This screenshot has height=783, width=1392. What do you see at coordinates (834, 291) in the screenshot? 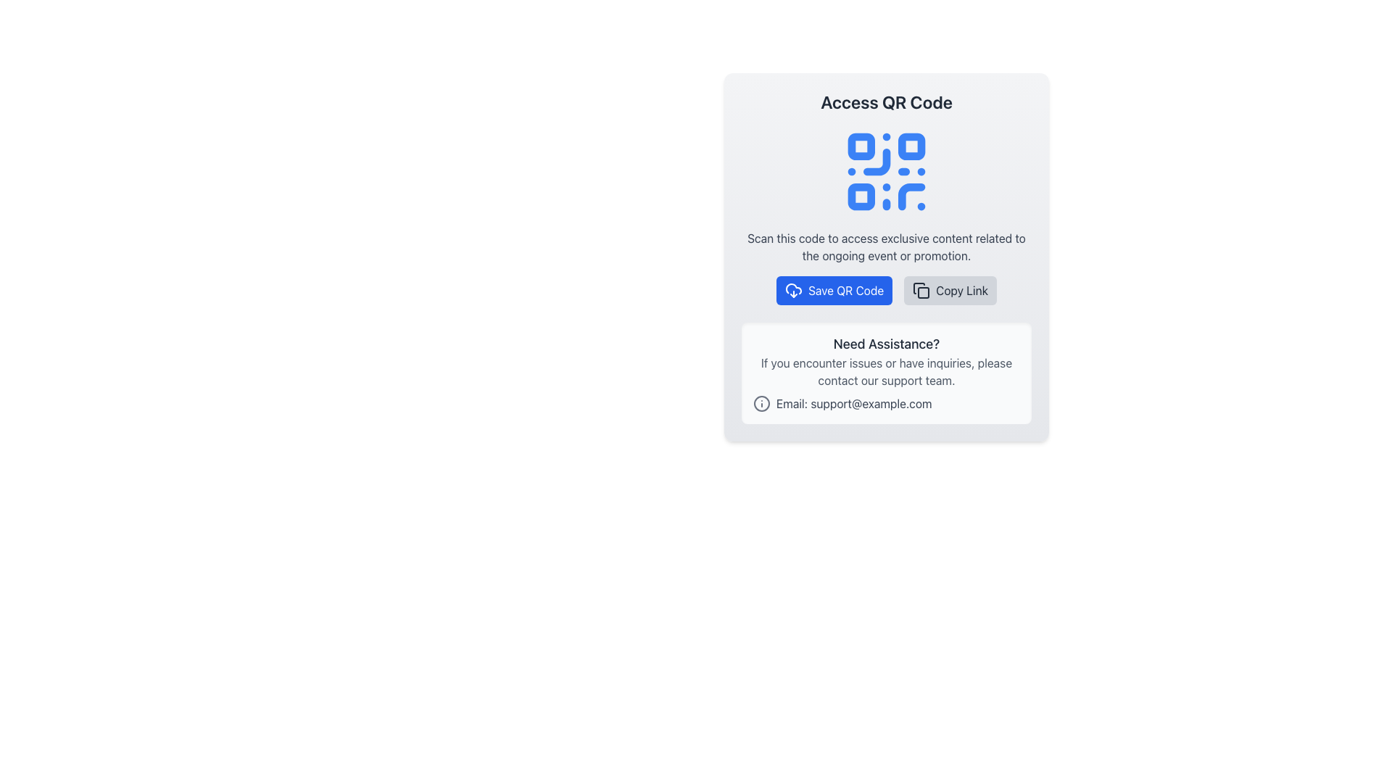
I see `the blue 'Save QR Code' button with rounded rectangular shape to observe the hover effect` at bounding box center [834, 291].